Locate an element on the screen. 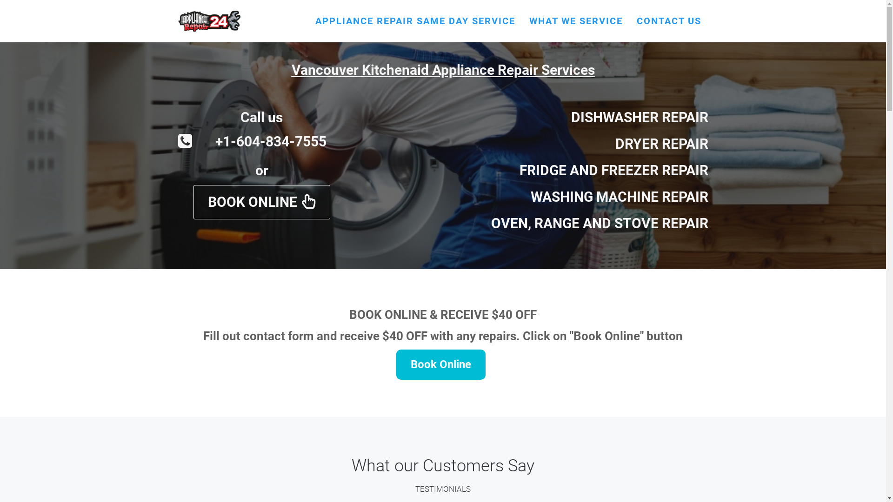 The height and width of the screenshot is (502, 893). 'Book Online' is located at coordinates (440, 364).